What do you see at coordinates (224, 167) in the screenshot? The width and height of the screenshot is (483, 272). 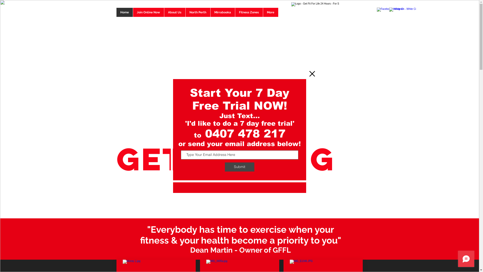 I see `'Submit'` at bounding box center [224, 167].